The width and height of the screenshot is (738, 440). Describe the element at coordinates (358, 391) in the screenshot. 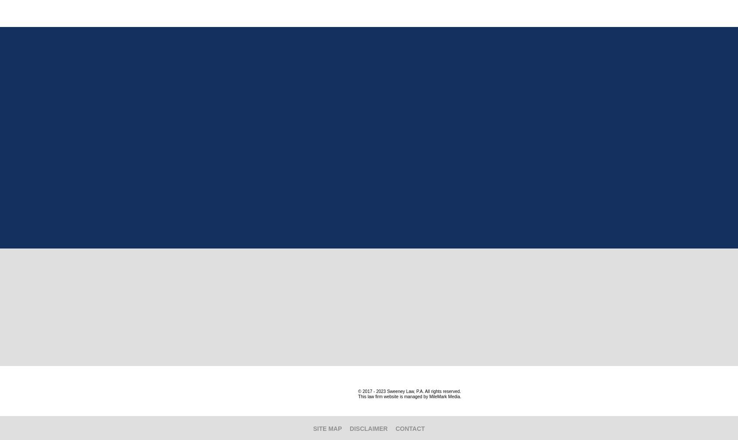

I see `'© 2017 - 2023 Sweeney Law, P.A. All rights reserved.'` at that location.